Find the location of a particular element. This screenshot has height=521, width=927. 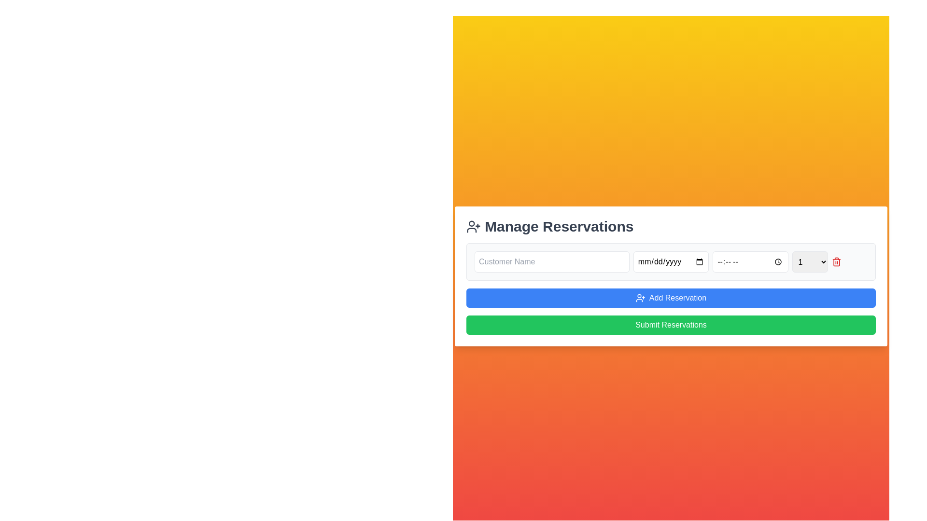

the trash icon button located in the top-right corner of the form interface is located at coordinates (836, 262).